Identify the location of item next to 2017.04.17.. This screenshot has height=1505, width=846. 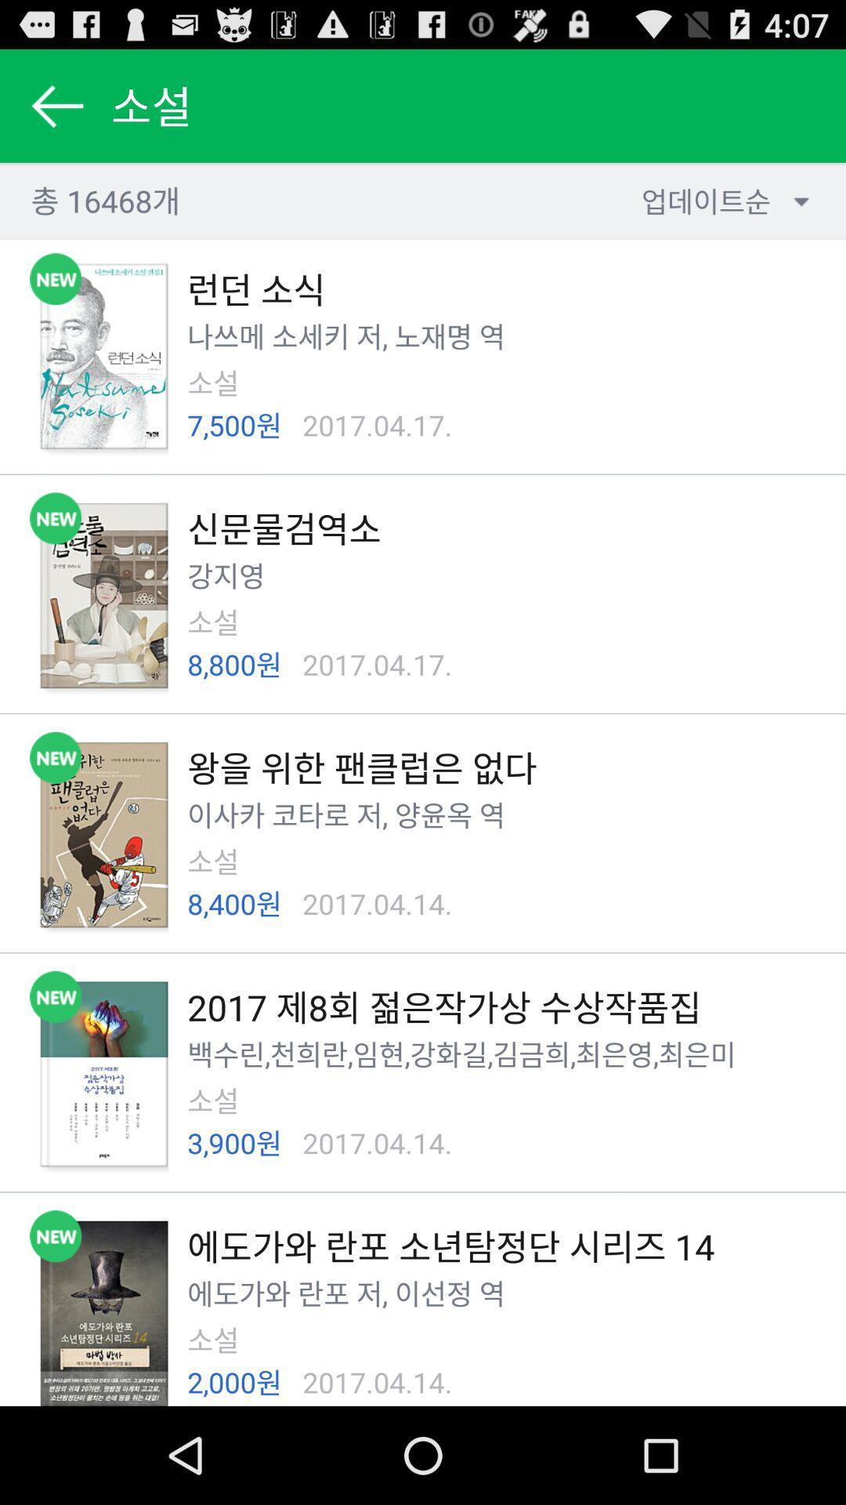
(234, 425).